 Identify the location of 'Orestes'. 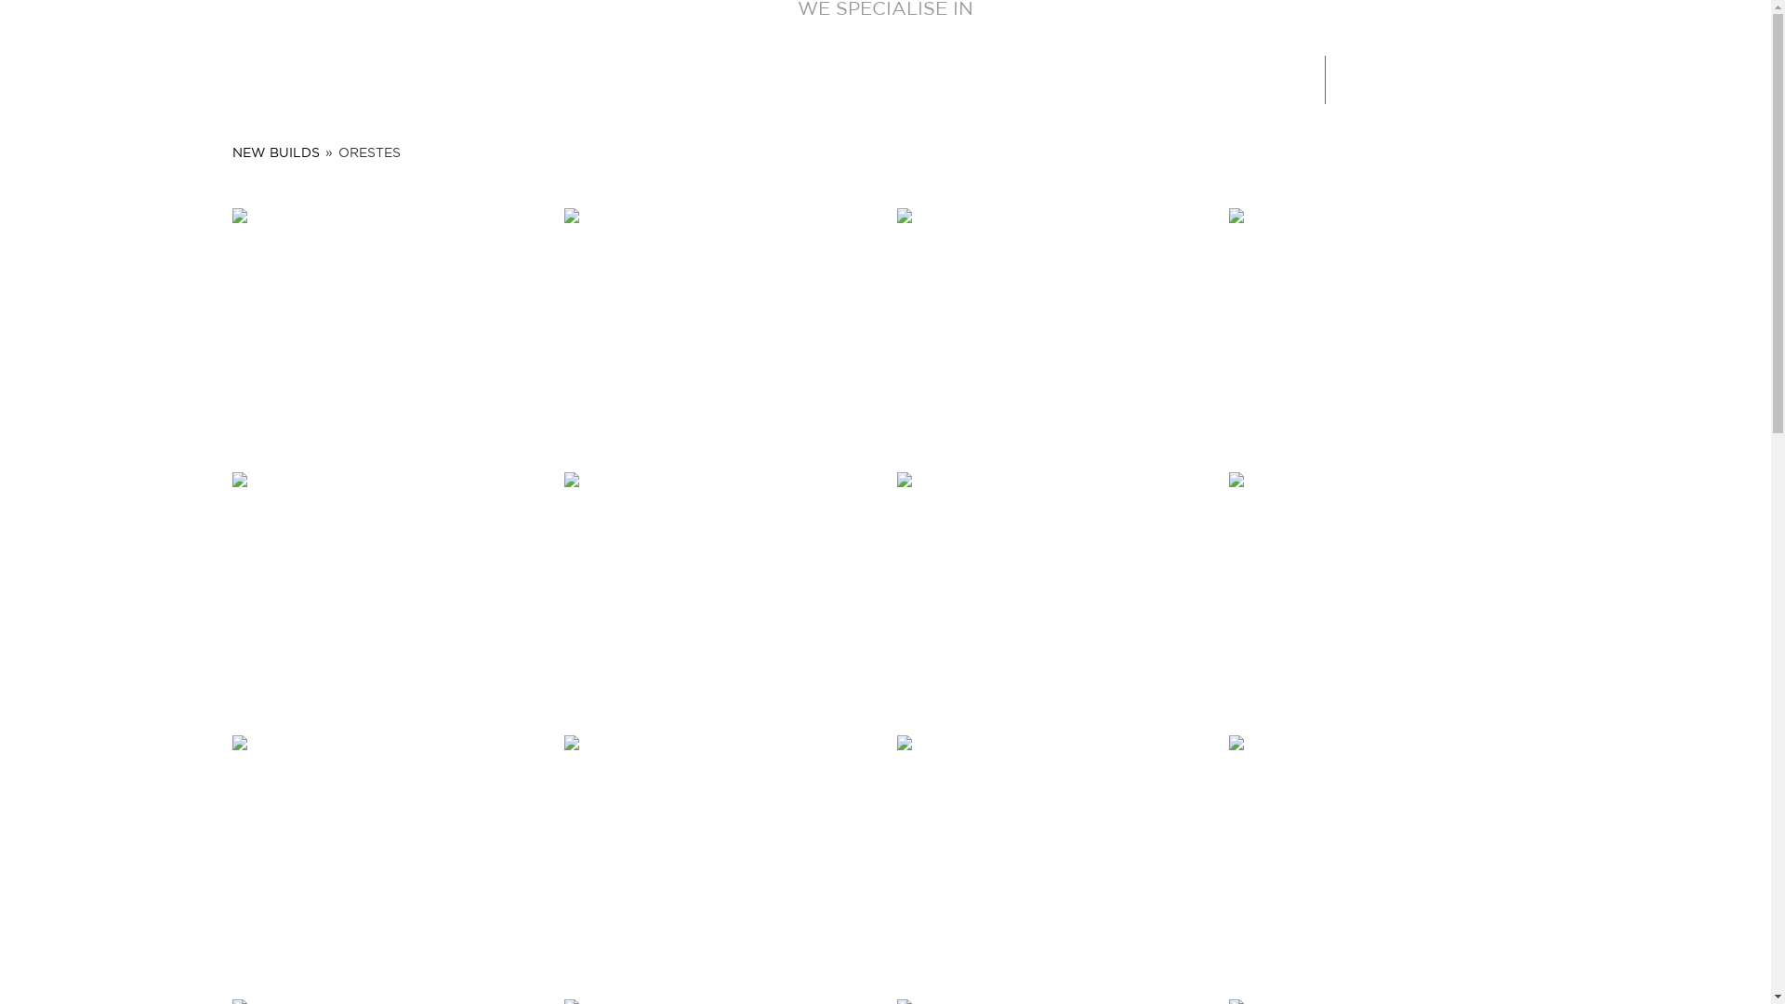
(387, 855).